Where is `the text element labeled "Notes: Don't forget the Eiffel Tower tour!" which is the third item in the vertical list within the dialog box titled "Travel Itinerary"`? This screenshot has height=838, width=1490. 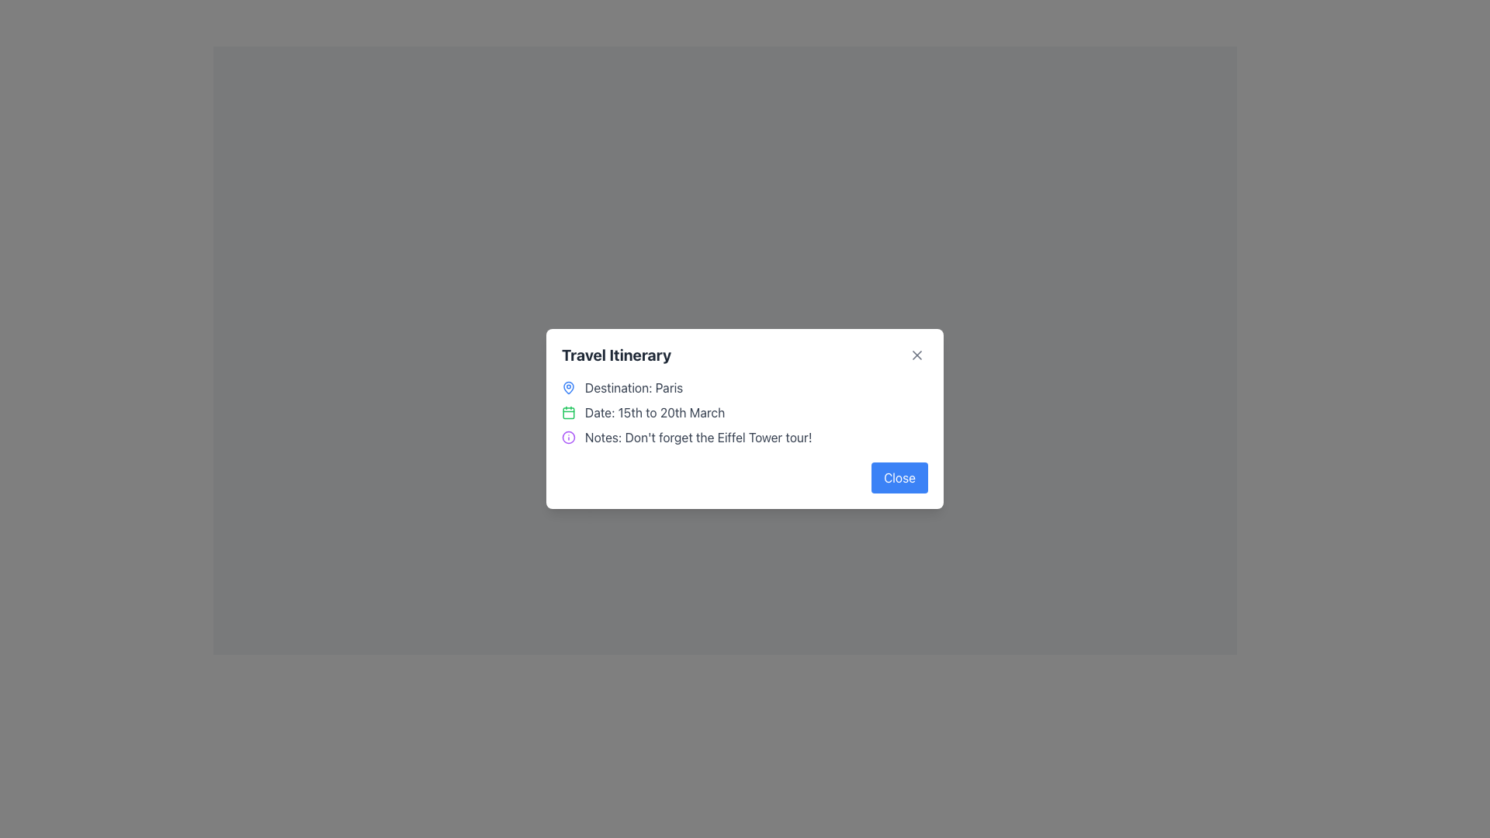 the text element labeled "Notes: Don't forget the Eiffel Tower tour!" which is the third item in the vertical list within the dialog box titled "Travel Itinerary" is located at coordinates (745, 437).